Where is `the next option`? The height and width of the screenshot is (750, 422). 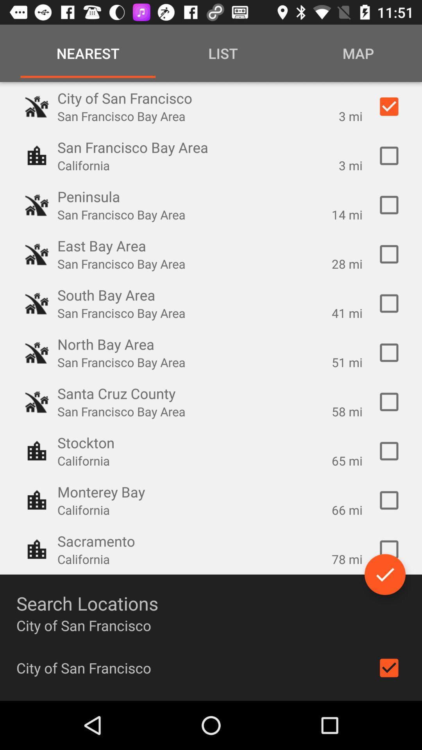 the next option is located at coordinates (389, 155).